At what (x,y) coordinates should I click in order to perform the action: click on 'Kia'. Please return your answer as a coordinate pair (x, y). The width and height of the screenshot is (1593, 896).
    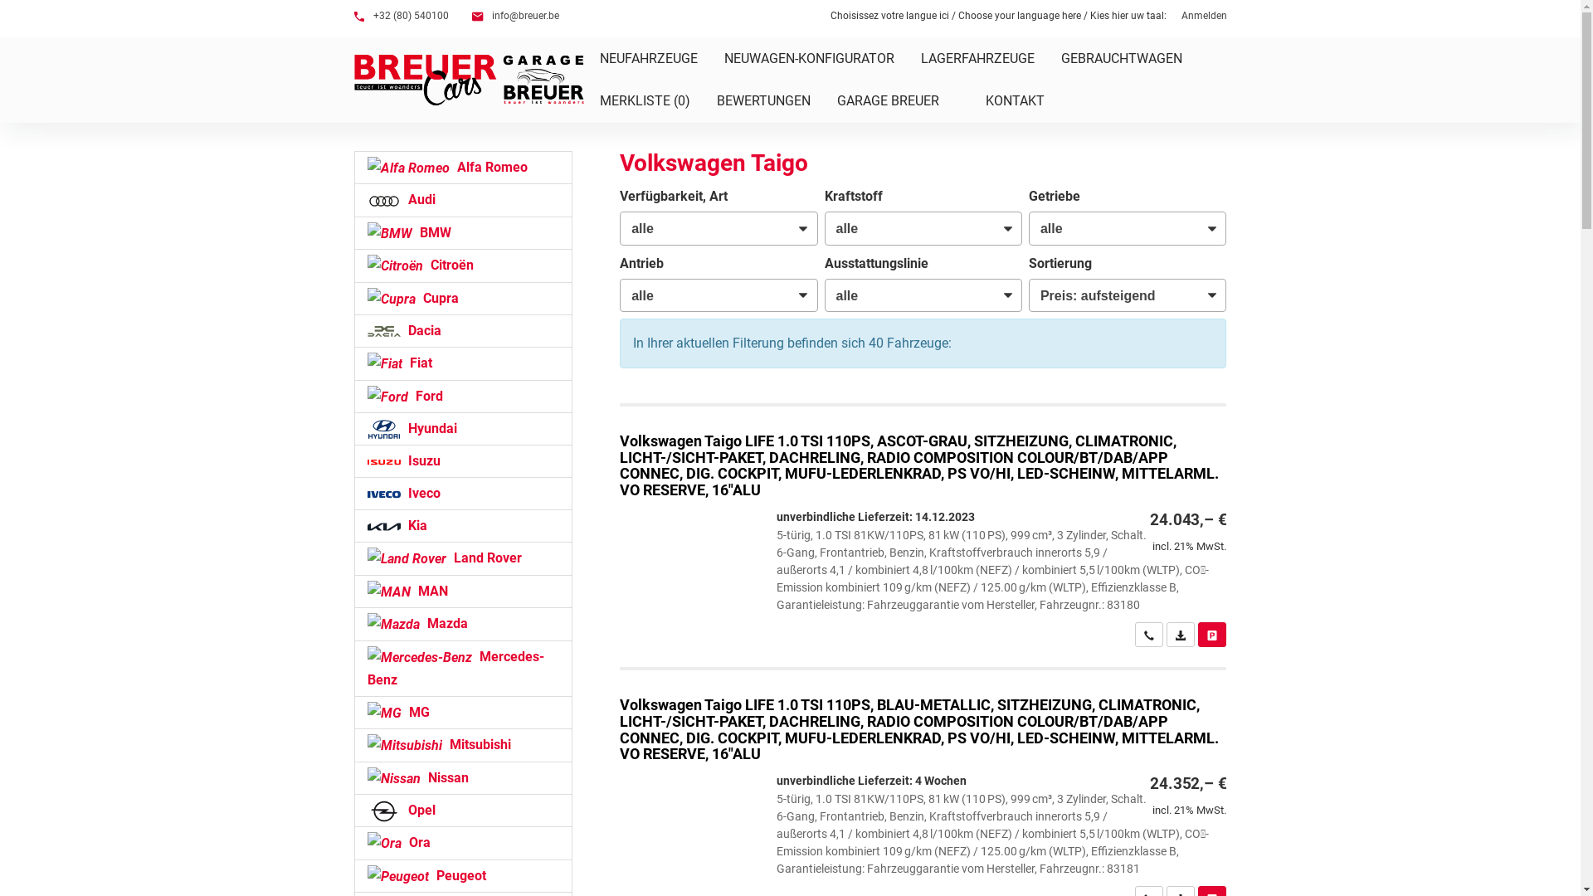
    Looking at the image, I should click on (462, 525).